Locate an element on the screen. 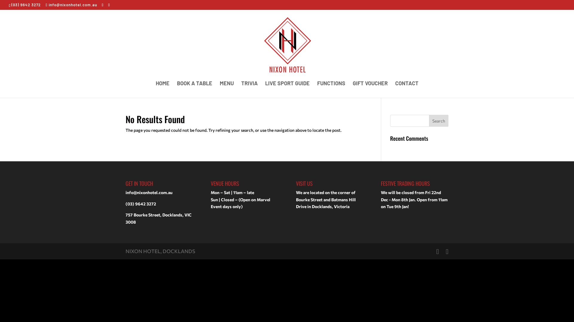 The image size is (574, 322). 'LIVE SPORT GUIDE' is located at coordinates (287, 89).